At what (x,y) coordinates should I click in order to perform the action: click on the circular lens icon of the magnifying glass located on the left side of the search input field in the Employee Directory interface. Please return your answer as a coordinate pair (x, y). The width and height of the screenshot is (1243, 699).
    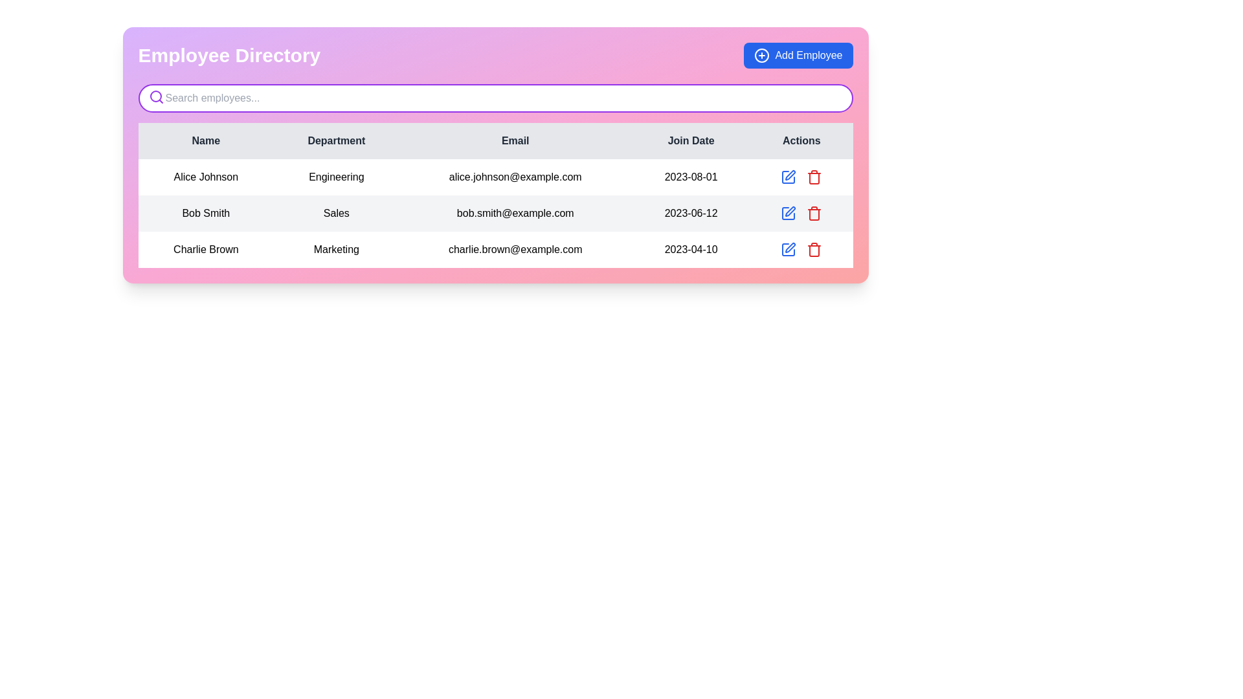
    Looking at the image, I should click on (155, 96).